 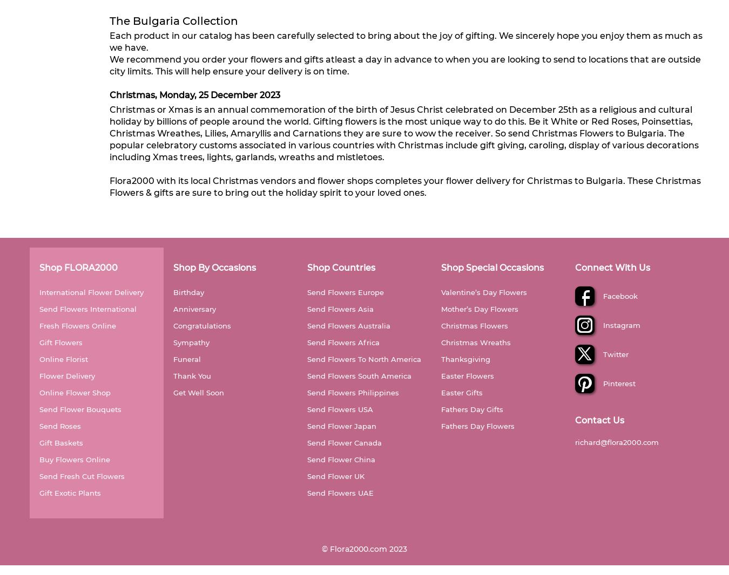 I want to click on 'Twitter', so click(x=610, y=353).